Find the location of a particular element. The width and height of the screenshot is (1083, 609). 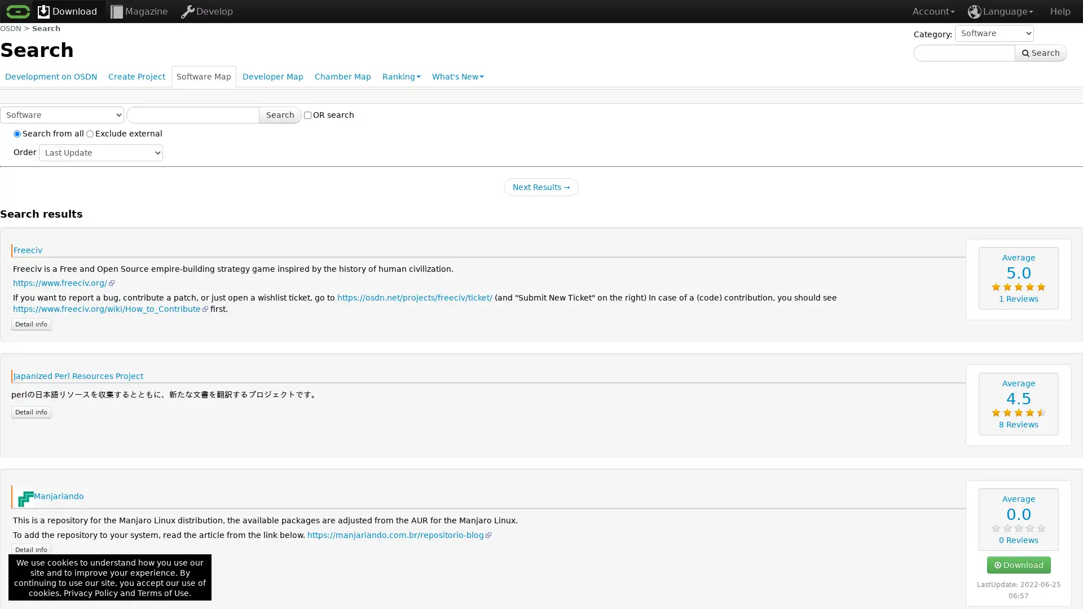

Detail info is located at coordinates (31, 549).